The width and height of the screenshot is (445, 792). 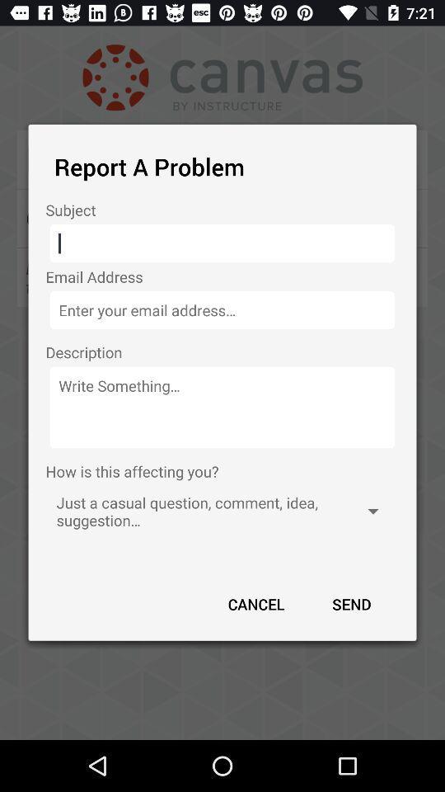 I want to click on the item at the bottom, so click(x=256, y=603).